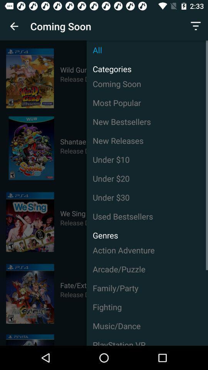  Describe the element at coordinates (147, 250) in the screenshot. I see `the item above arcade/puzzle` at that location.